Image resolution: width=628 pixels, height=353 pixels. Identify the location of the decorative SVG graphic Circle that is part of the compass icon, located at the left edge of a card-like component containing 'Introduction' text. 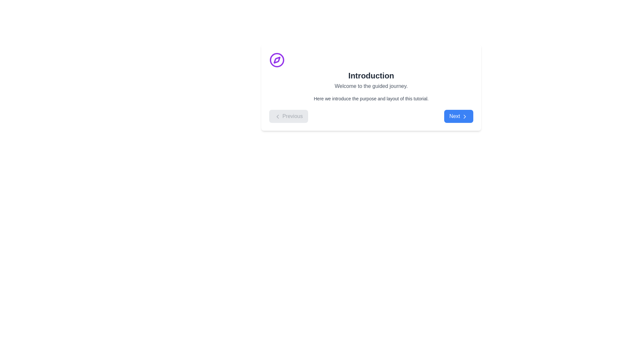
(277, 60).